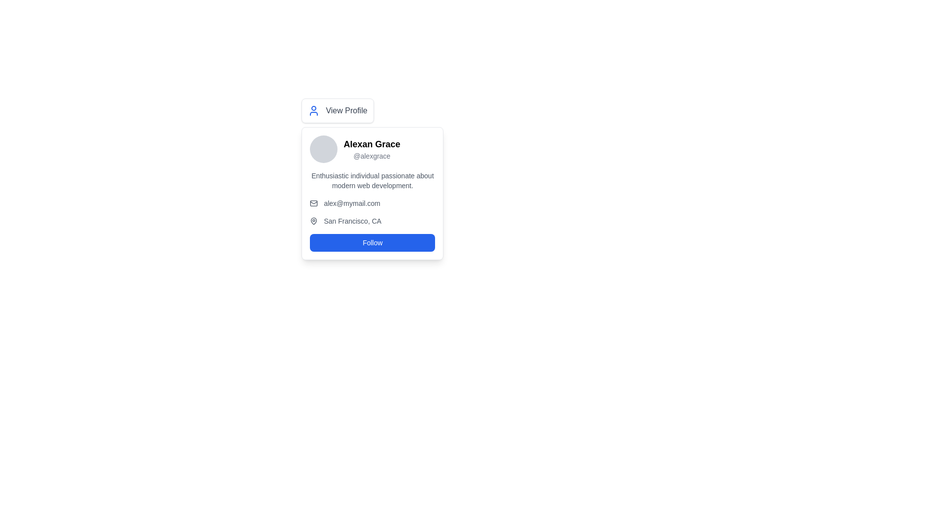 This screenshot has height=532, width=946. I want to click on the non-interactive SVG email icon component, which is a rectangular shape with rounded corners located to the left of the email address 'alex@mymail.com' in the user profile card, so click(313, 202).